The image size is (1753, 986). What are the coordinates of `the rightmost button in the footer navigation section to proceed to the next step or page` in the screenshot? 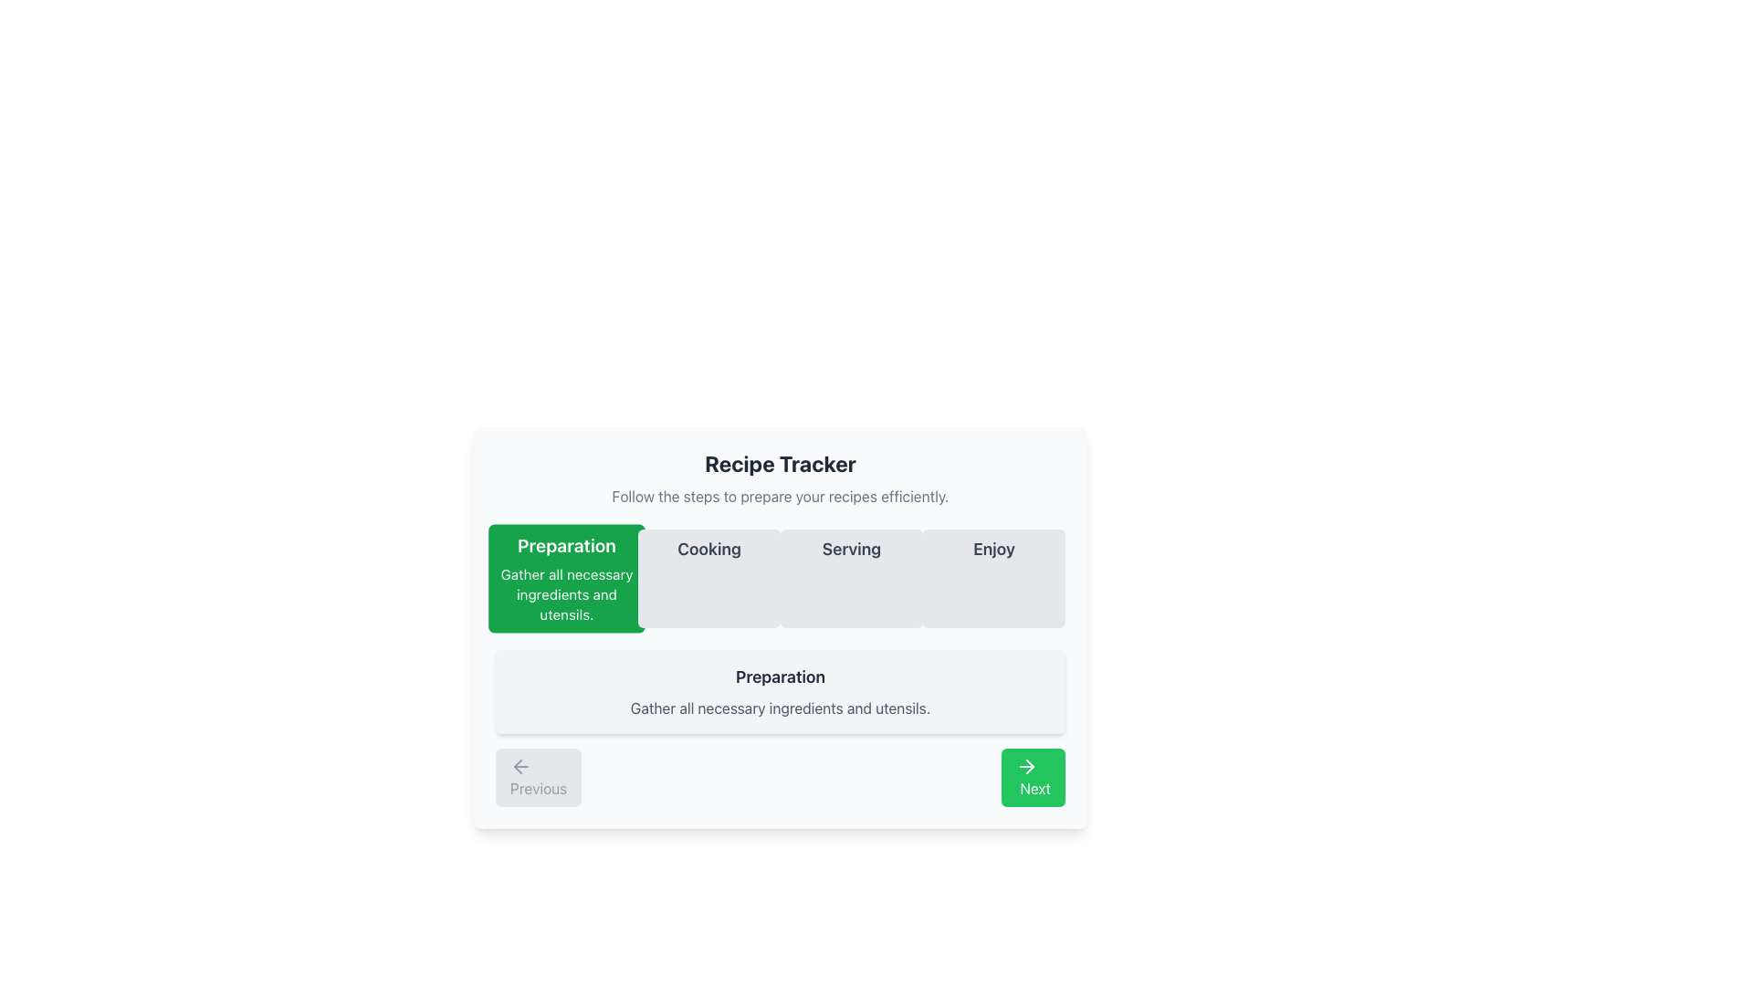 It's located at (1034, 778).